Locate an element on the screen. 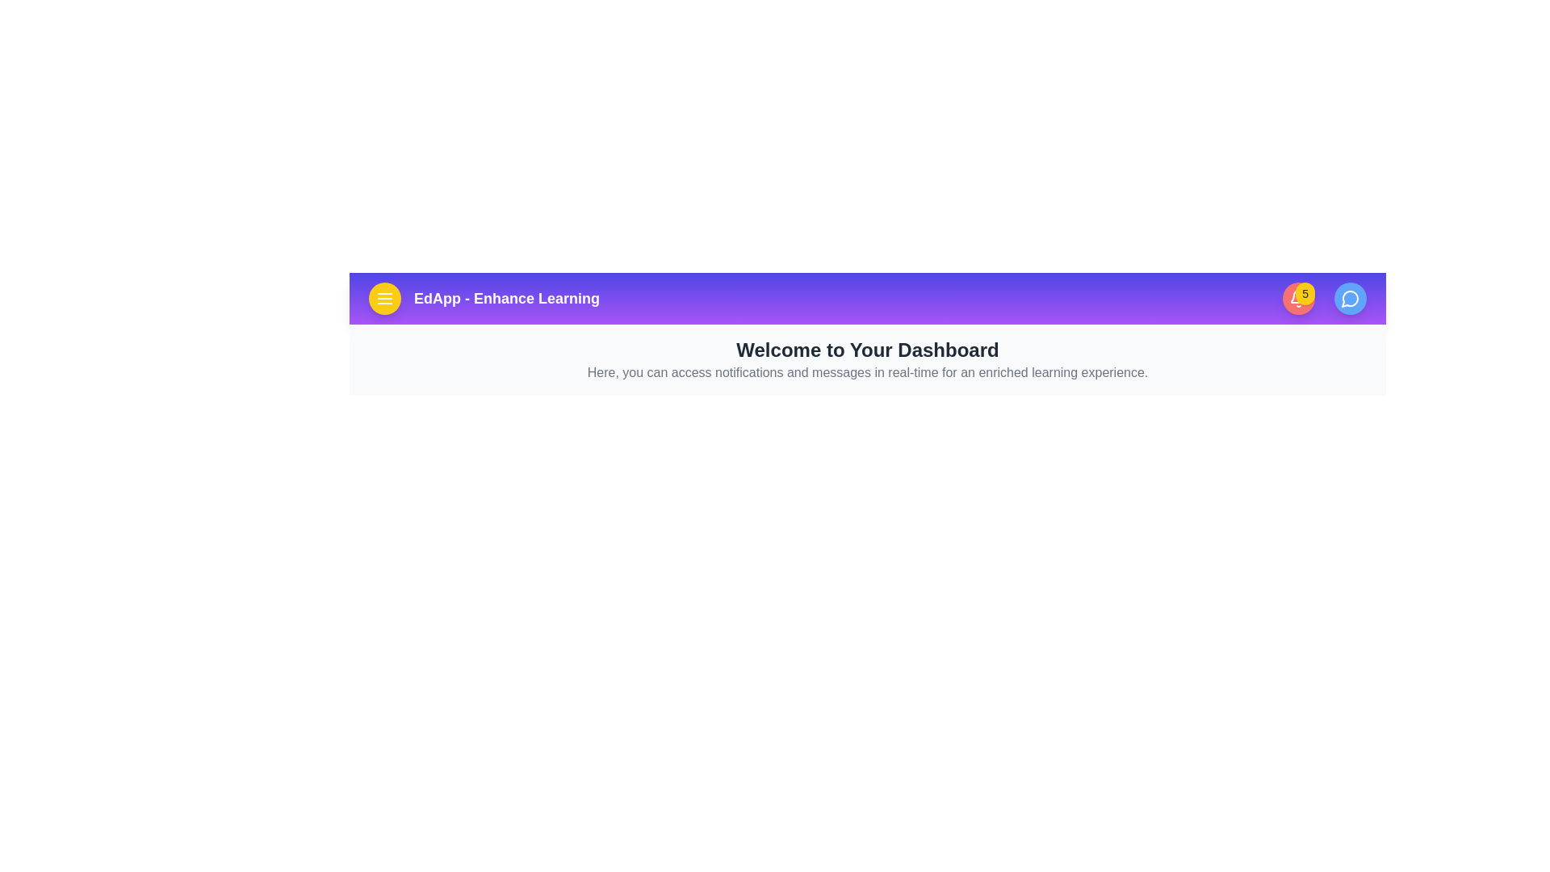 The height and width of the screenshot is (872, 1550). the message icon to access messages is located at coordinates (1351, 299).